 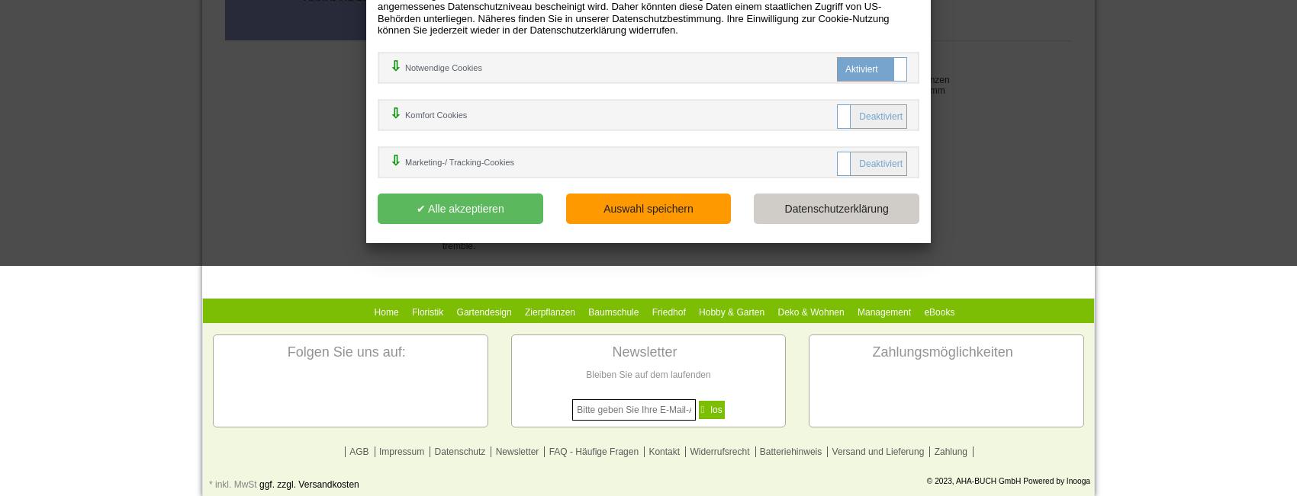 I want to click on 'Impressum', so click(x=401, y=450).